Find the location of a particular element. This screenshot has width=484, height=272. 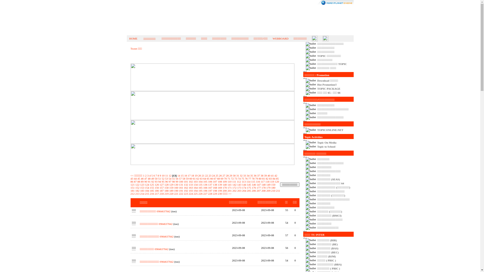

'220' is located at coordinates (171, 193).